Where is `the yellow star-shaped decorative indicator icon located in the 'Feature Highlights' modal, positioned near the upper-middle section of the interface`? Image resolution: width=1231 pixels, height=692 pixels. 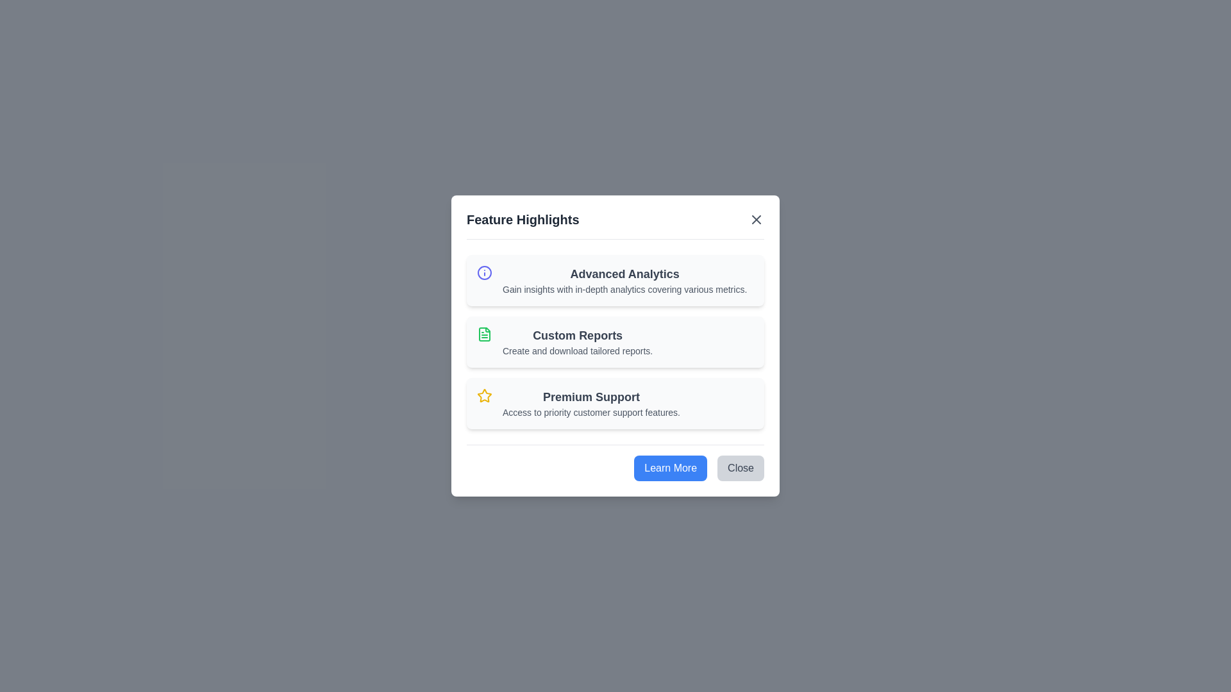
the yellow star-shaped decorative indicator icon located in the 'Feature Highlights' modal, positioned near the upper-middle section of the interface is located at coordinates (483, 395).